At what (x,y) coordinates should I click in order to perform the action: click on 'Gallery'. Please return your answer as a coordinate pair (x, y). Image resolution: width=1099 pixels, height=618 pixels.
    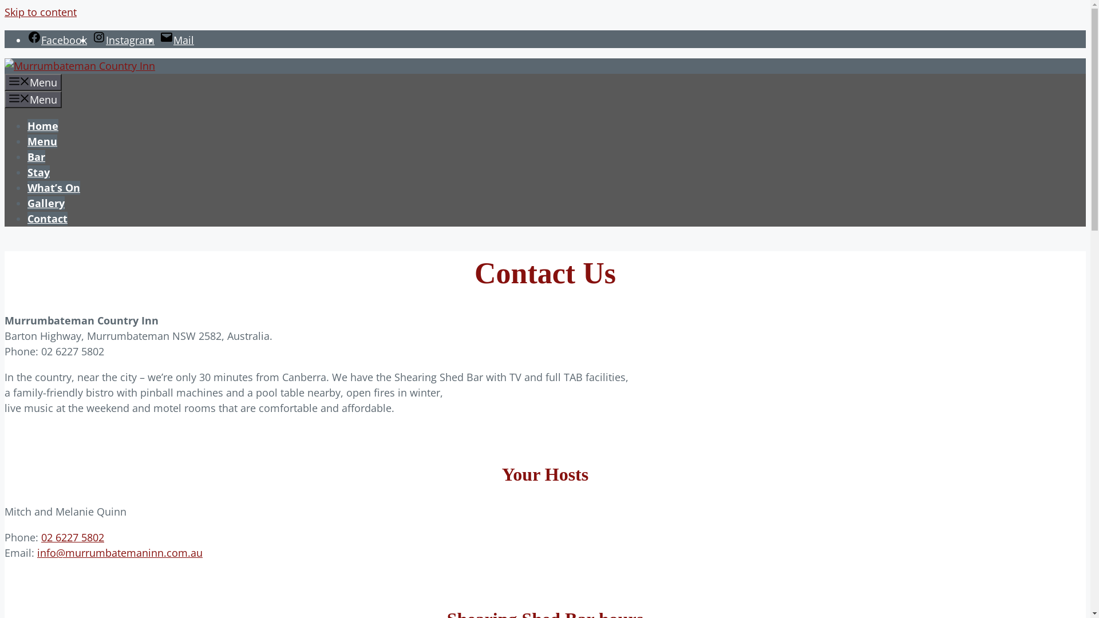
    Looking at the image, I should click on (46, 202).